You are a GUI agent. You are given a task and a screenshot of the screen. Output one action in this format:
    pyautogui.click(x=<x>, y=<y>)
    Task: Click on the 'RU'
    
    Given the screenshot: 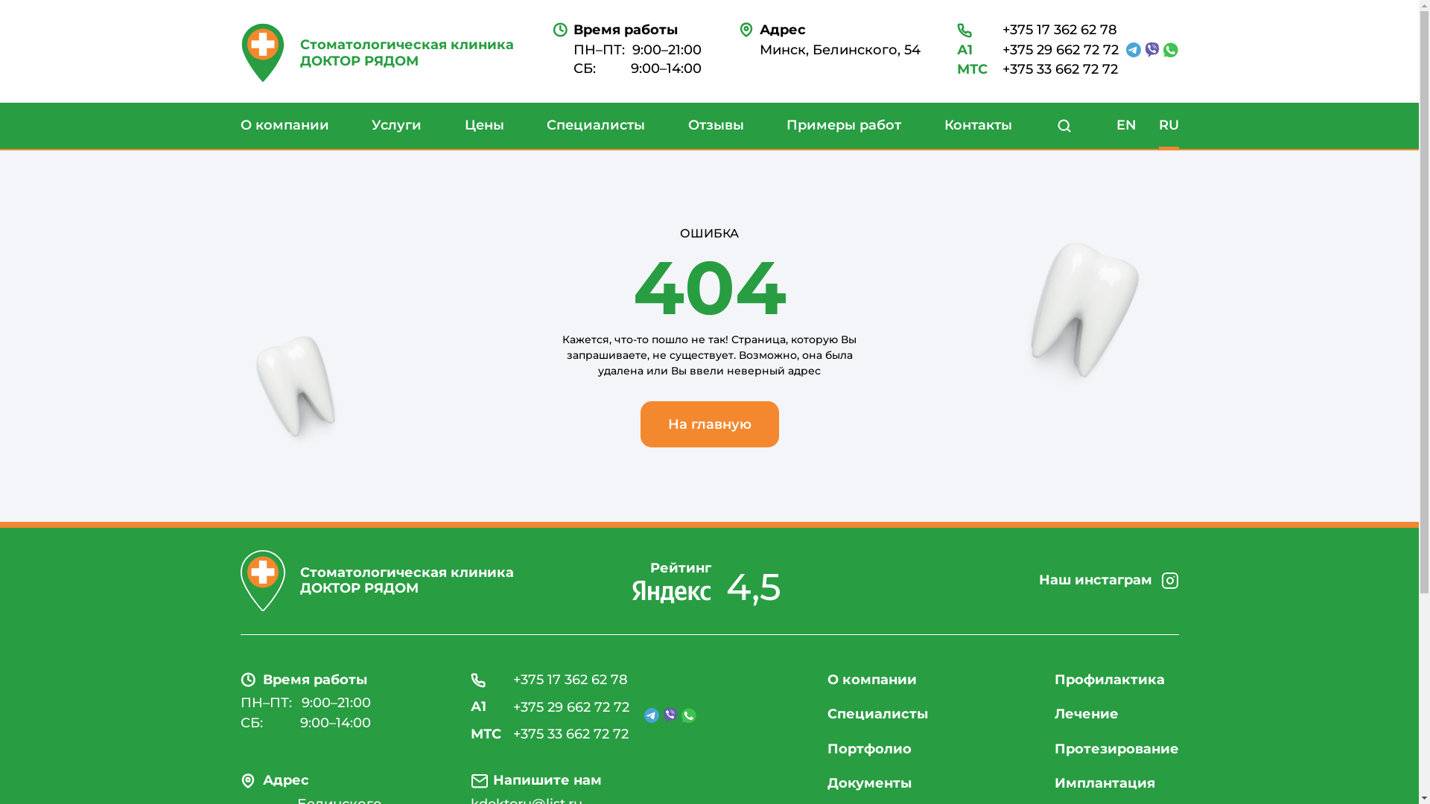 What is the action you would take?
    pyautogui.click(x=1168, y=125)
    